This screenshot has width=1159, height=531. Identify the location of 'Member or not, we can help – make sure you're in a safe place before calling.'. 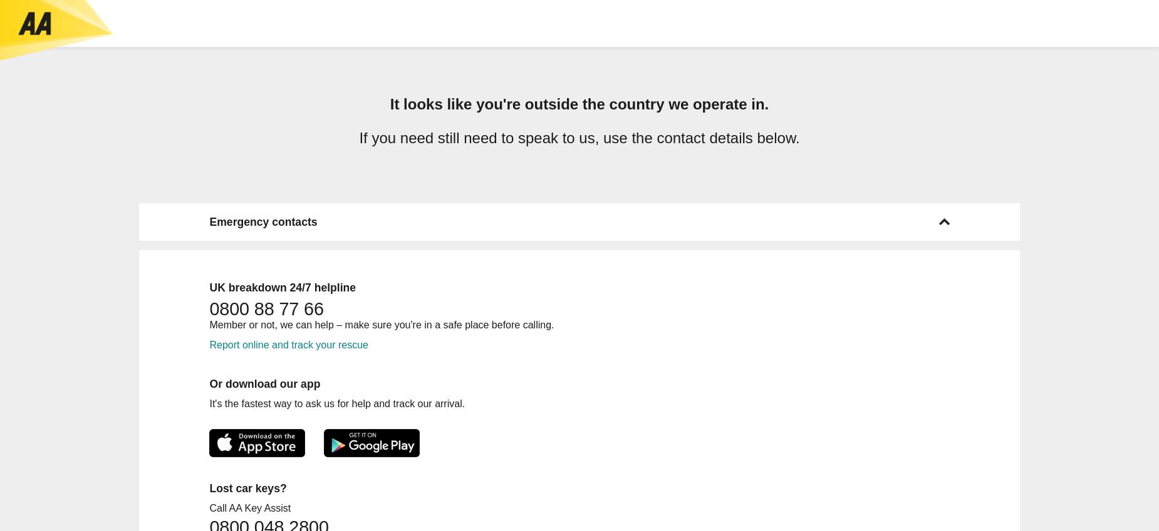
(208, 323).